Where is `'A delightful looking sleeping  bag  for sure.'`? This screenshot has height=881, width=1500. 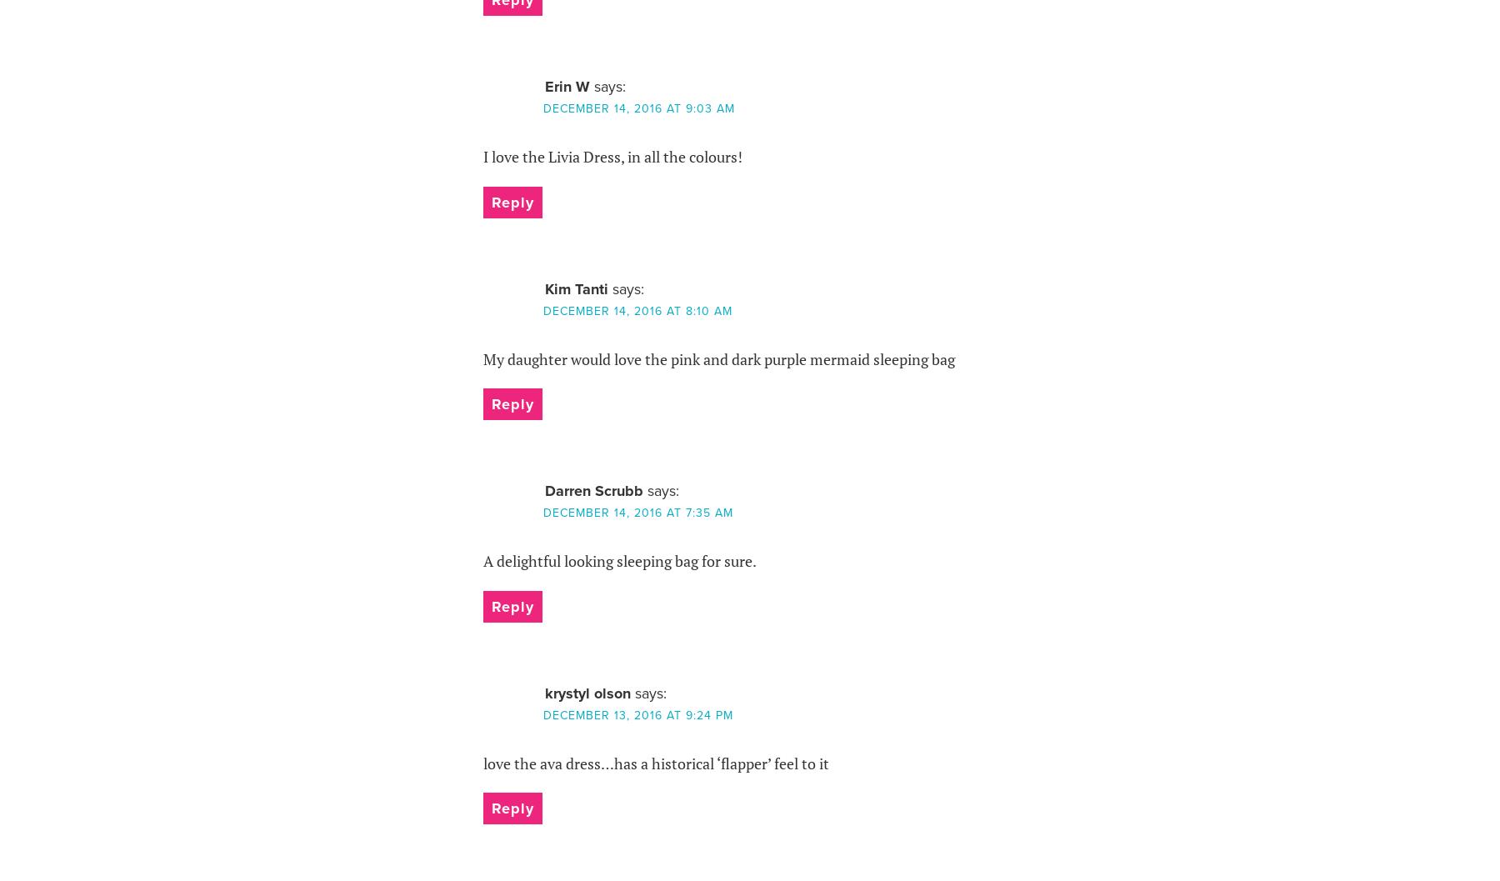 'A delightful looking sleeping  bag  for sure.' is located at coordinates (618, 560).